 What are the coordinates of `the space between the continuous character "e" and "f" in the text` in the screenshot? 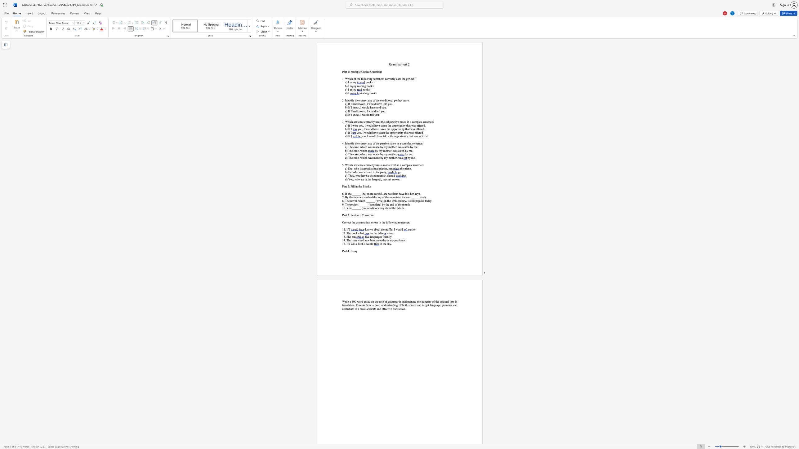 It's located at (378, 194).